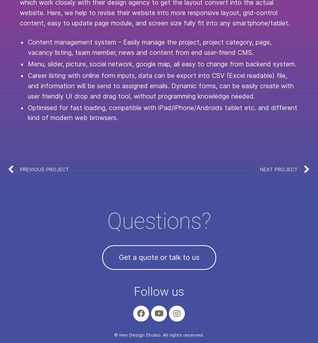 The height and width of the screenshot is (343, 318). What do you see at coordinates (161, 85) in the screenshot?
I see `'Career listing with online form inputs, data can be export into CSV (Excel readable) file, and information will be send to assigned emails. Dynamic forms, can be easily create with user friendly UI drop and drag tool, without programming knowledge needed.'` at bounding box center [161, 85].